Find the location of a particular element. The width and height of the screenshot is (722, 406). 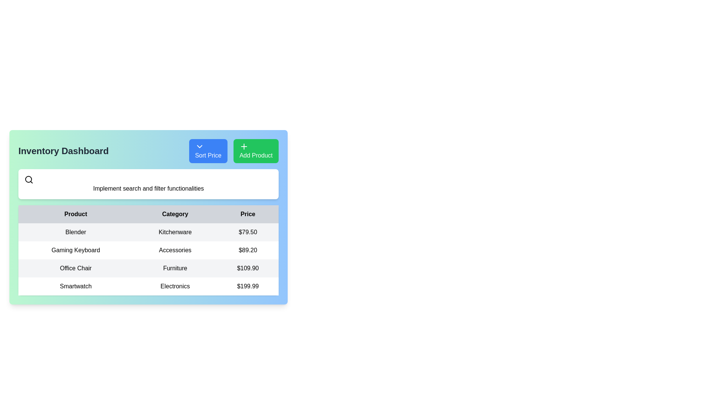

the circular sub-component of the search icon located at the top left of the application interface by clicking on it is located at coordinates (29, 179).